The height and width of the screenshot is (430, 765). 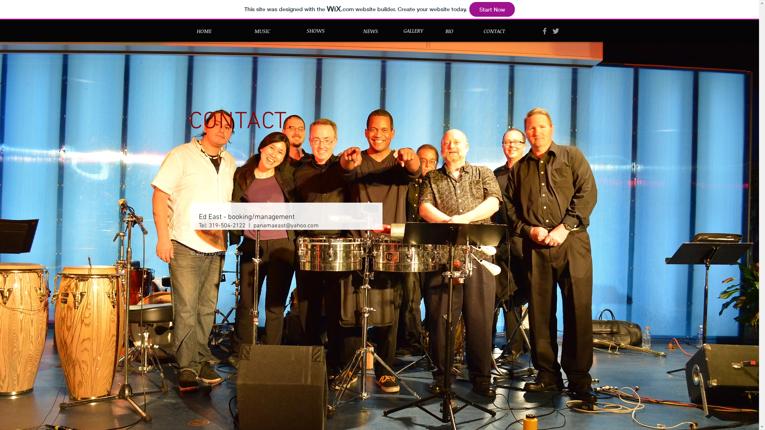 What do you see at coordinates (370, 30) in the screenshot?
I see `'NEWS'` at bounding box center [370, 30].